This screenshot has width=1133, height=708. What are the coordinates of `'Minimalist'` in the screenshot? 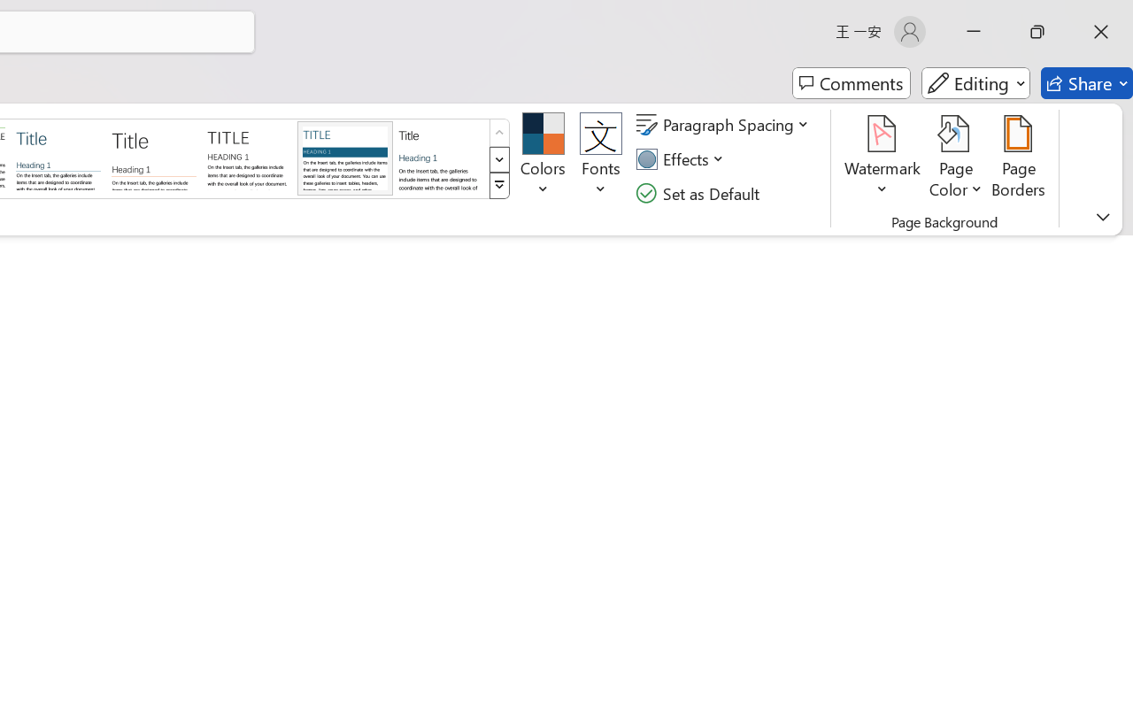 It's located at (248, 157).